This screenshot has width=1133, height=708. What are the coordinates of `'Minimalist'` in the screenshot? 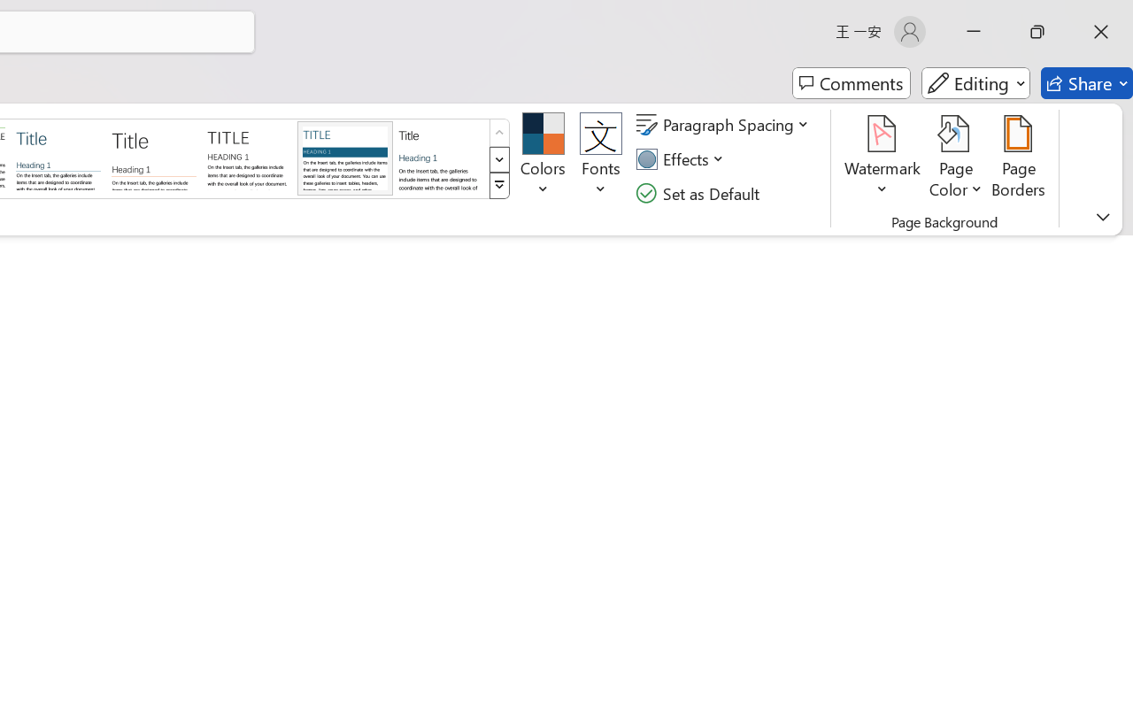 It's located at (248, 157).